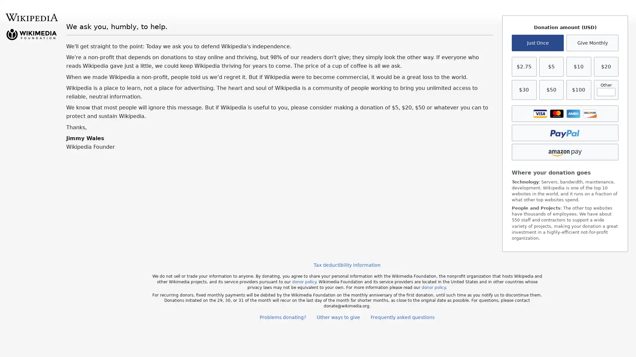  I want to click on Amazon, so click(564, 152).